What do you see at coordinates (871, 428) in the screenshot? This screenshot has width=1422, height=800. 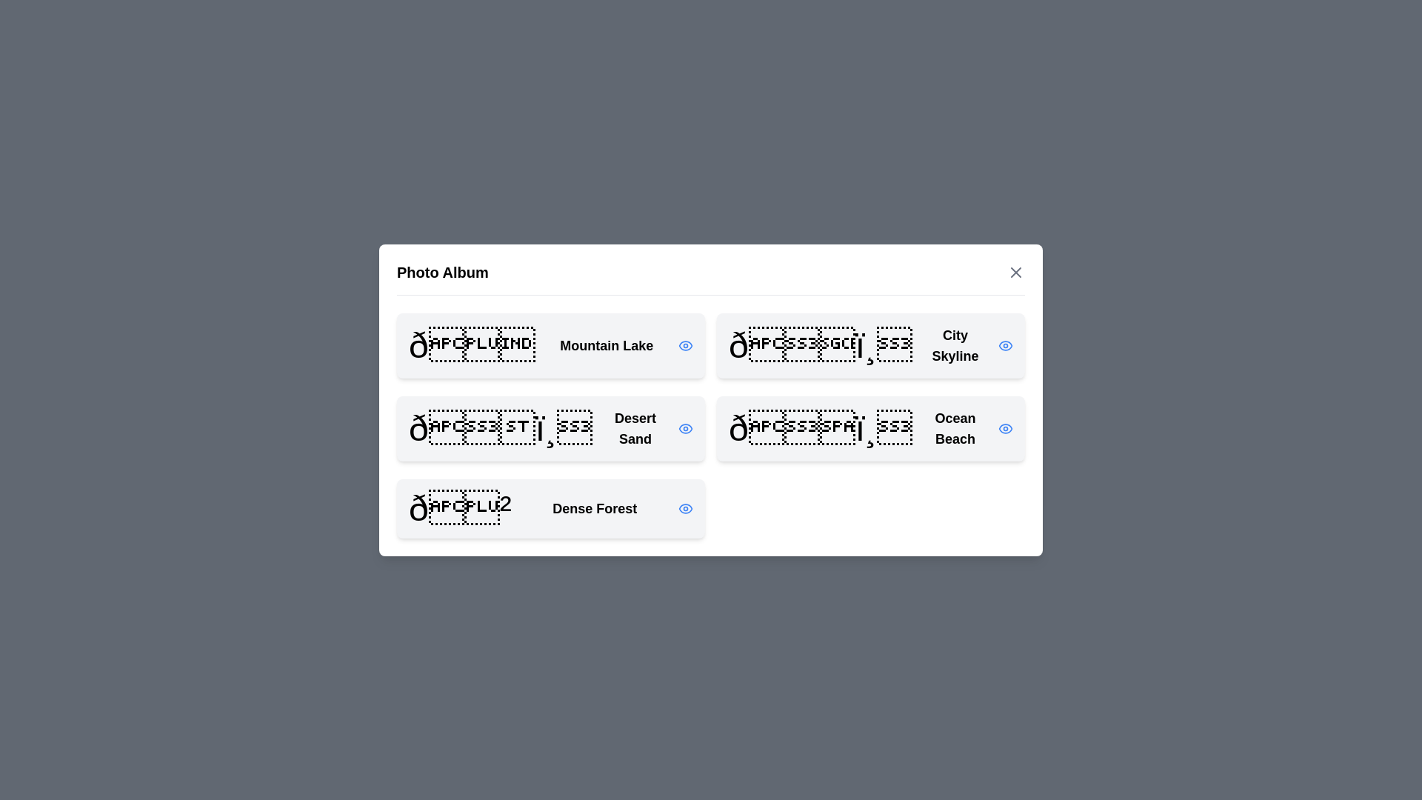 I see `the photo titled Ocean Beach from the list` at bounding box center [871, 428].